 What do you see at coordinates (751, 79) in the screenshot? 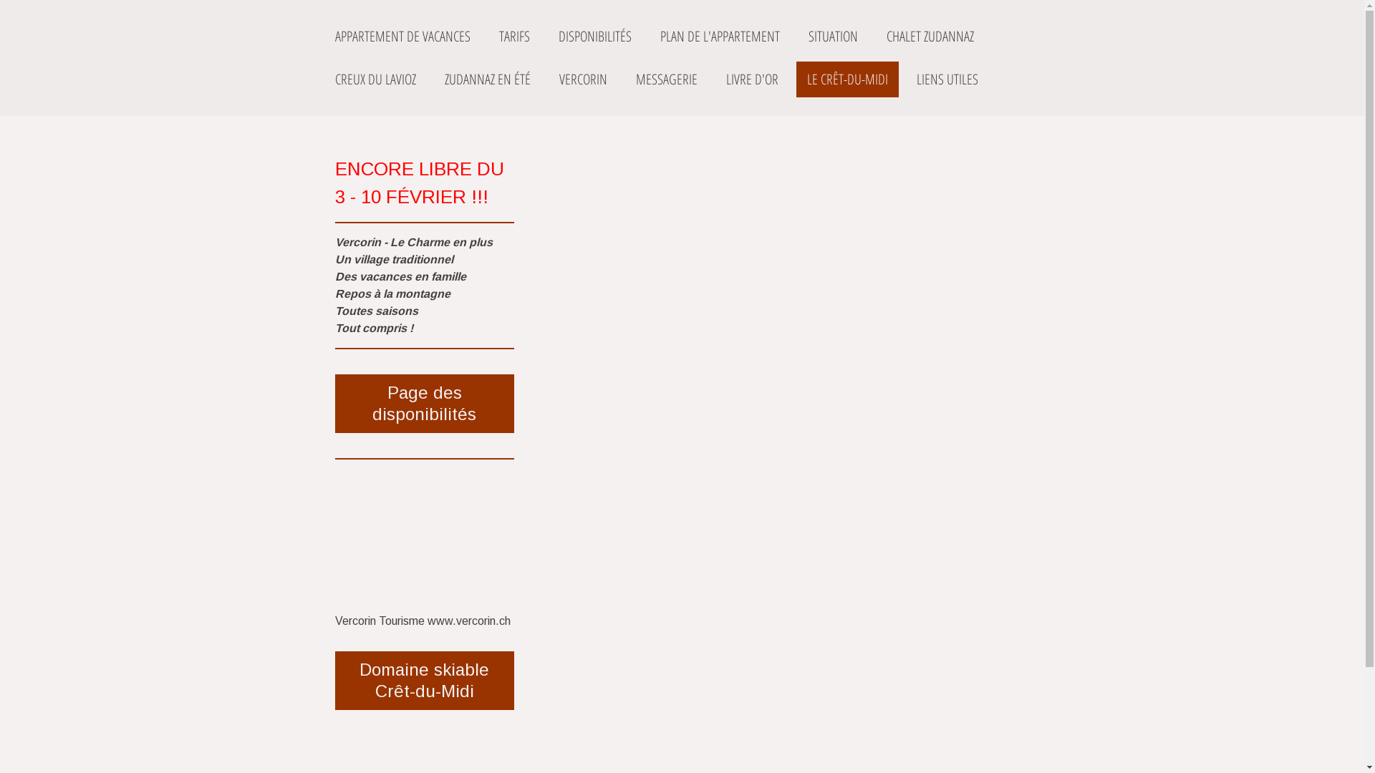
I see `'LIVRE D'OR'` at bounding box center [751, 79].